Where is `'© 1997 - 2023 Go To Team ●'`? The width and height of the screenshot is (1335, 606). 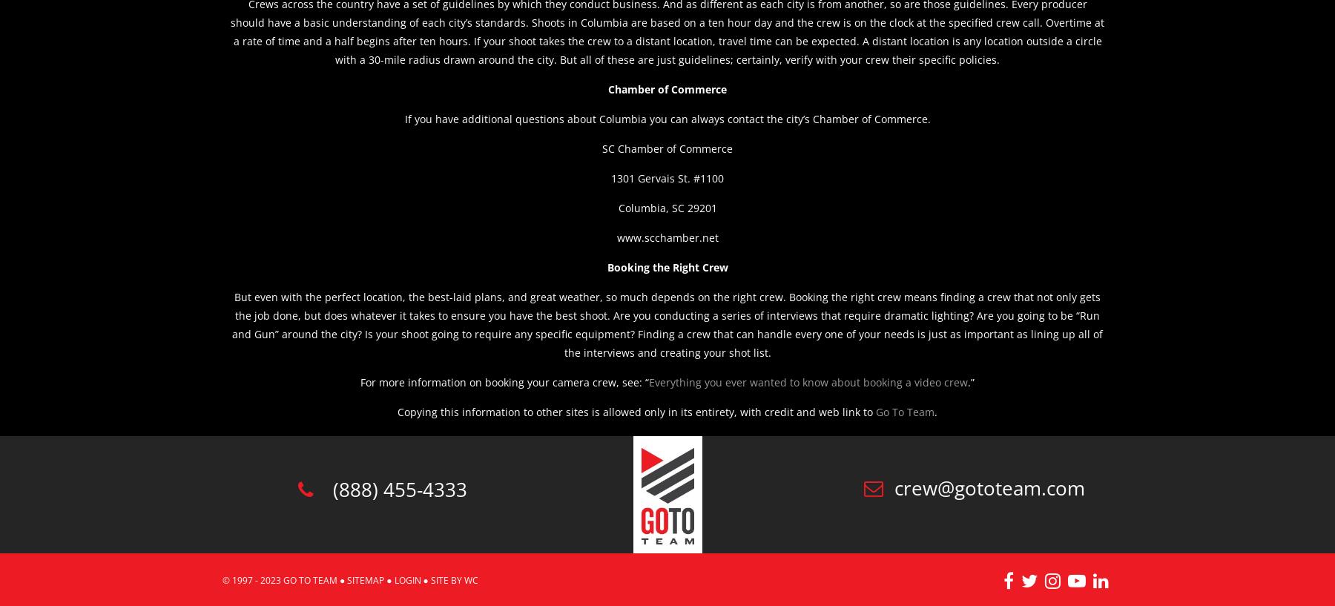 '© 1997 - 2023 Go To Team ●' is located at coordinates (222, 580).